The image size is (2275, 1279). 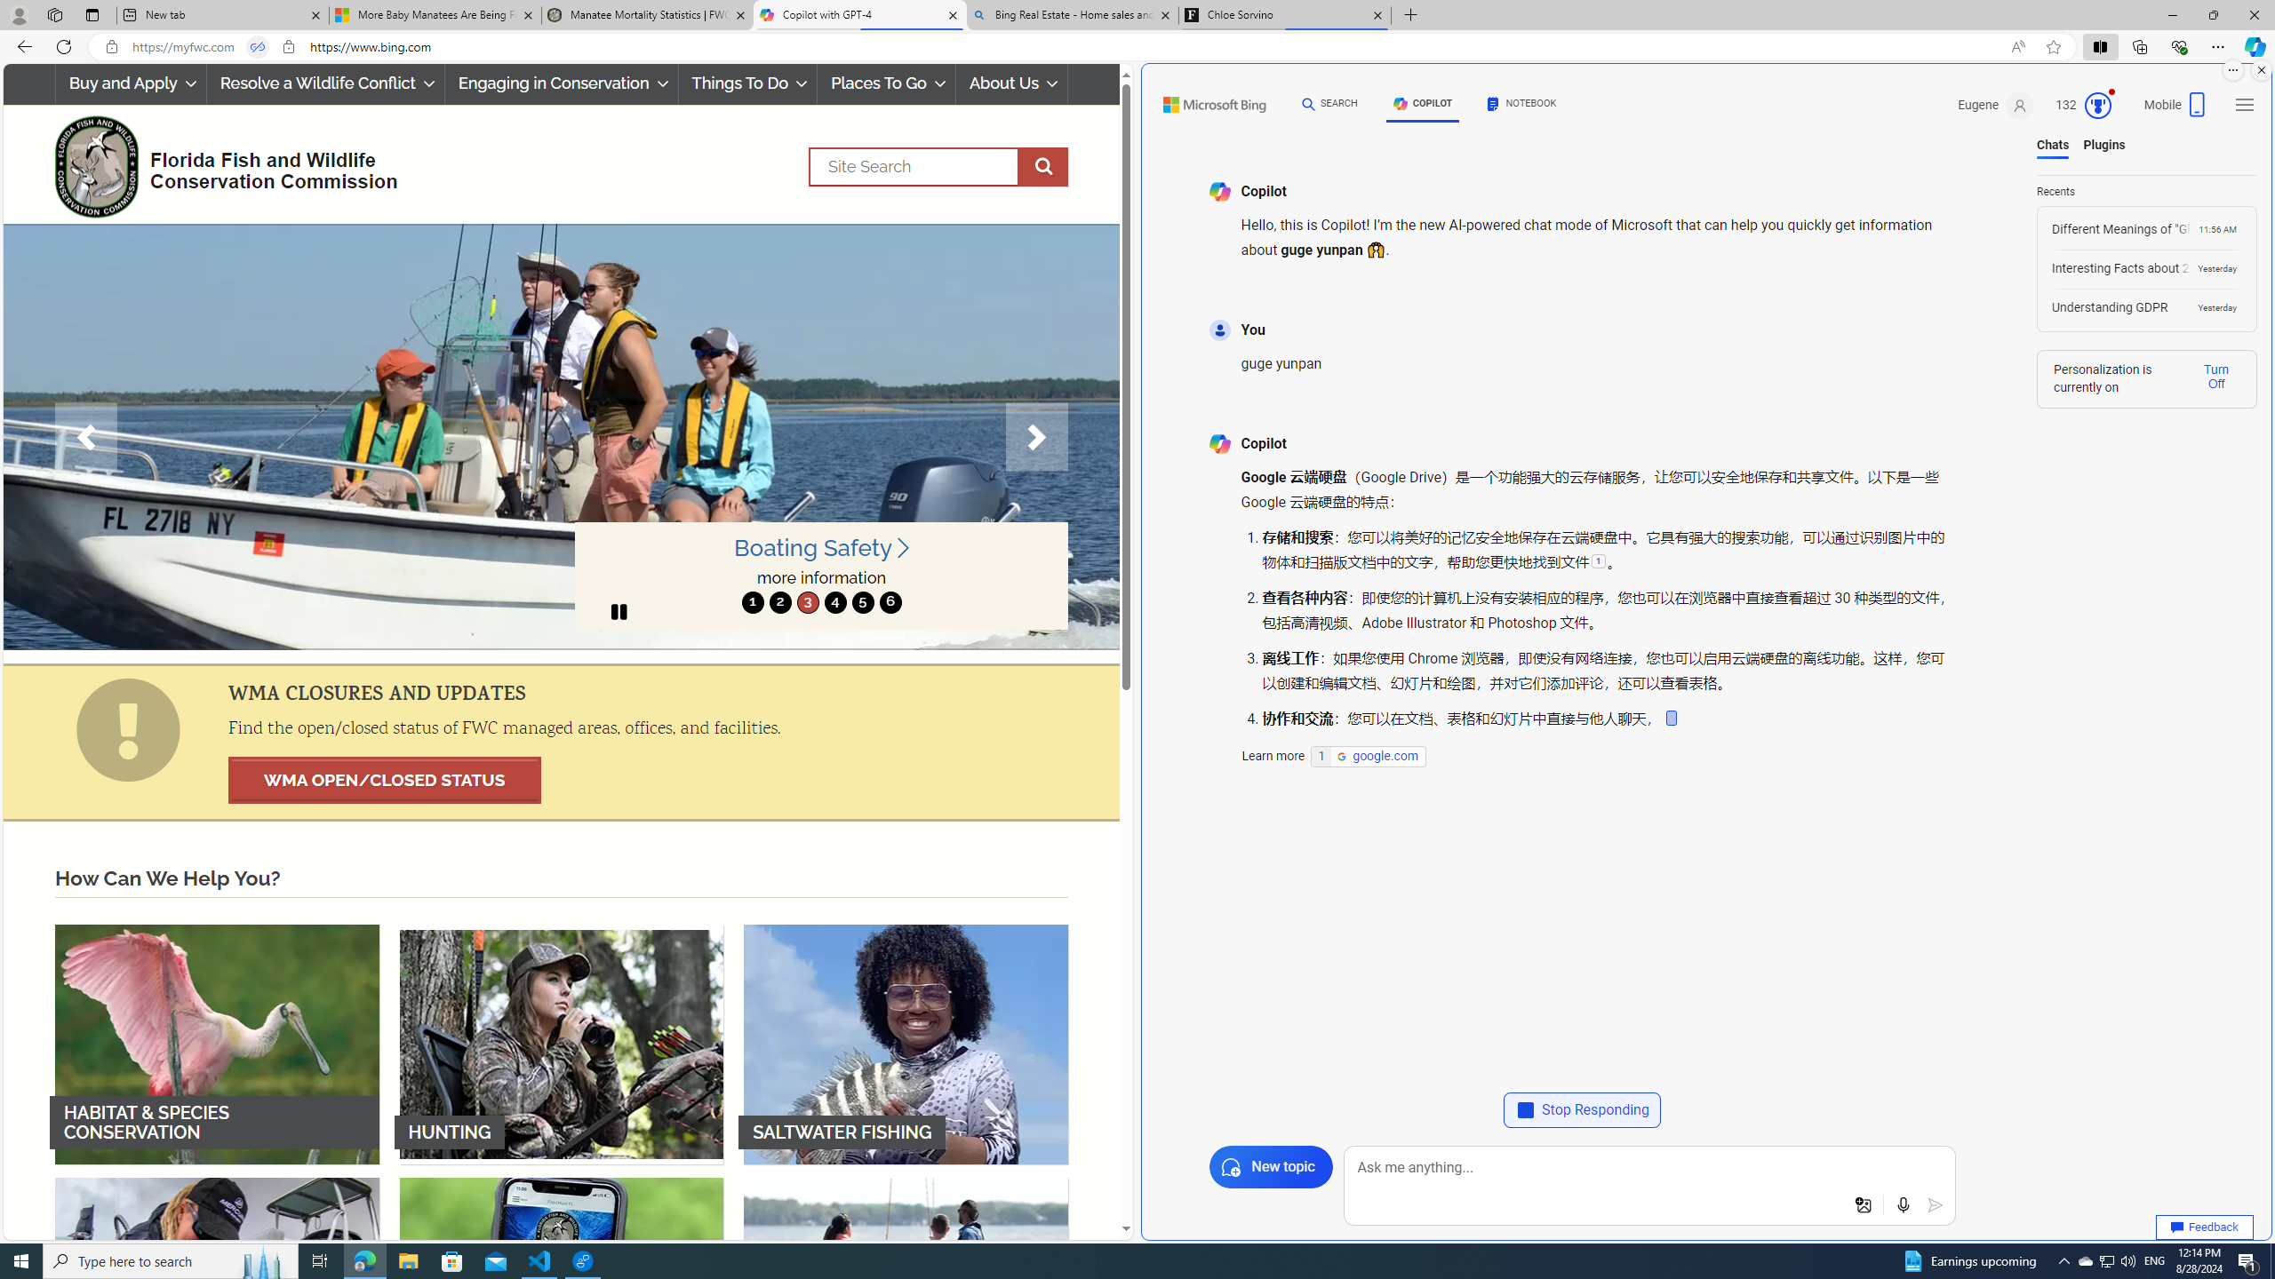 I want to click on 'Resolve a Wildlife Conflict', so click(x=325, y=83).